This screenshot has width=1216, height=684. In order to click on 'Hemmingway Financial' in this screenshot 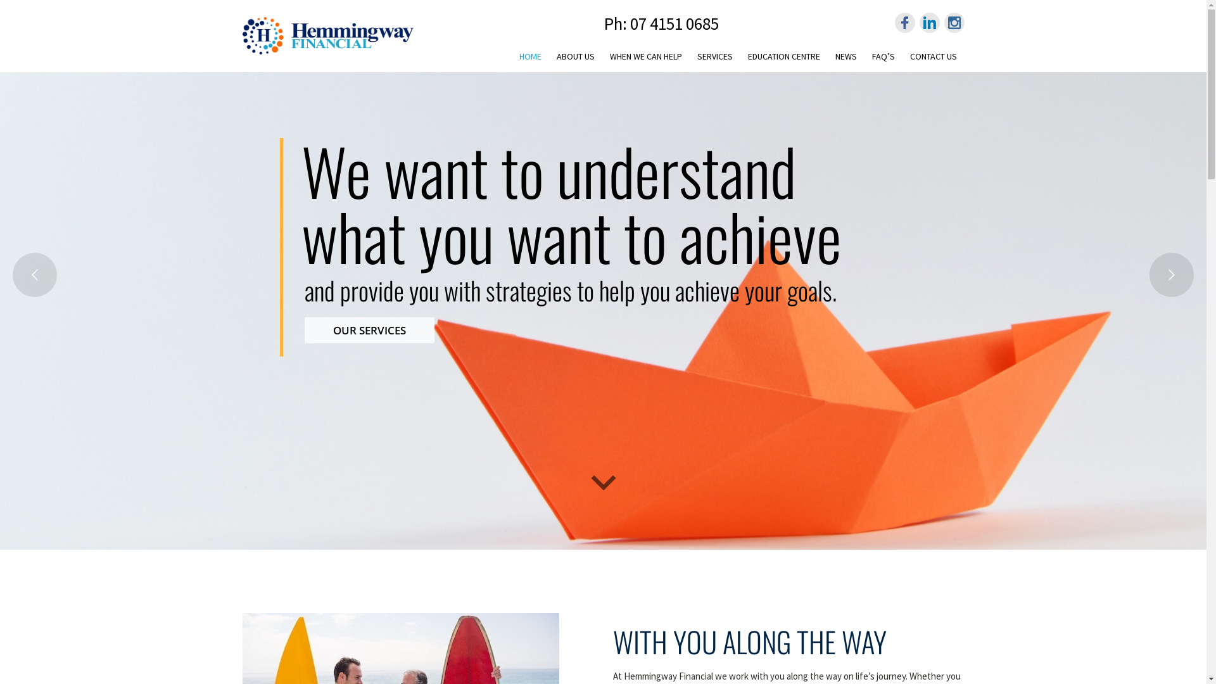, I will do `click(242, 34)`.